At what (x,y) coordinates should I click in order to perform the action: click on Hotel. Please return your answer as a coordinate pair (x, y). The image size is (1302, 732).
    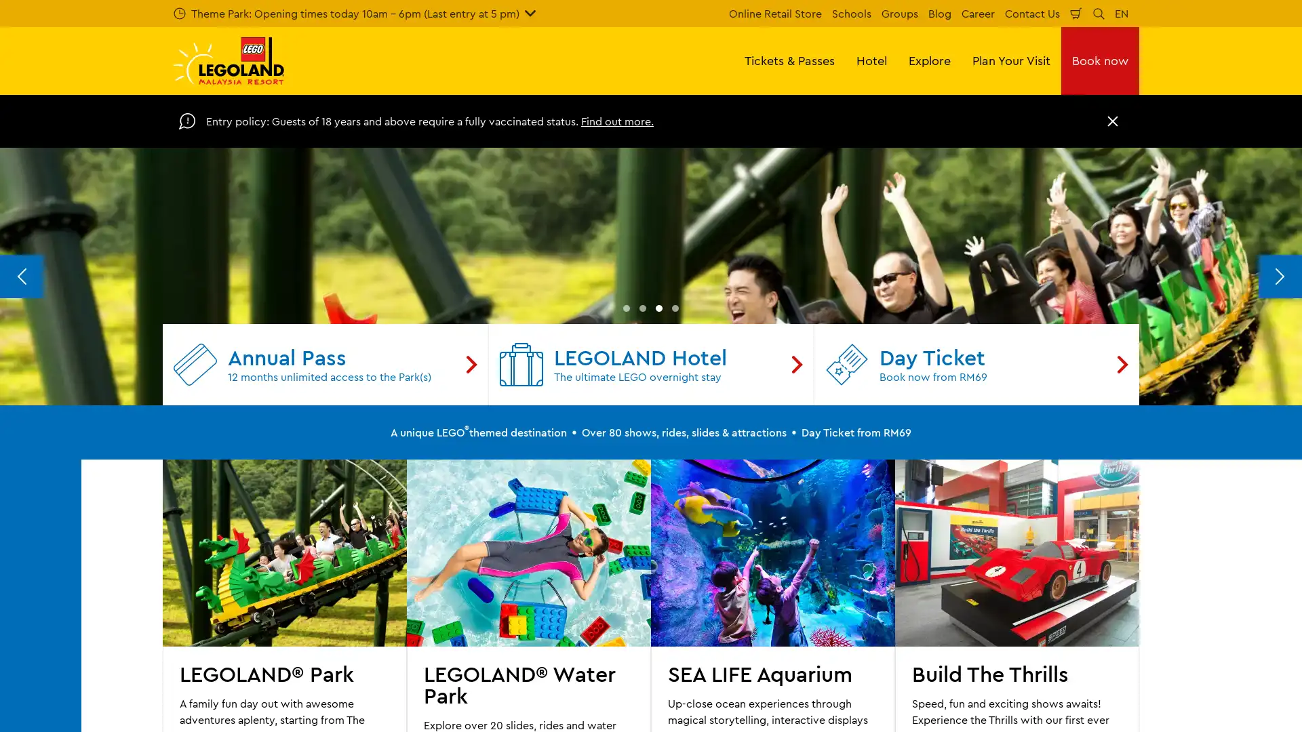
    Looking at the image, I should click on (871, 60).